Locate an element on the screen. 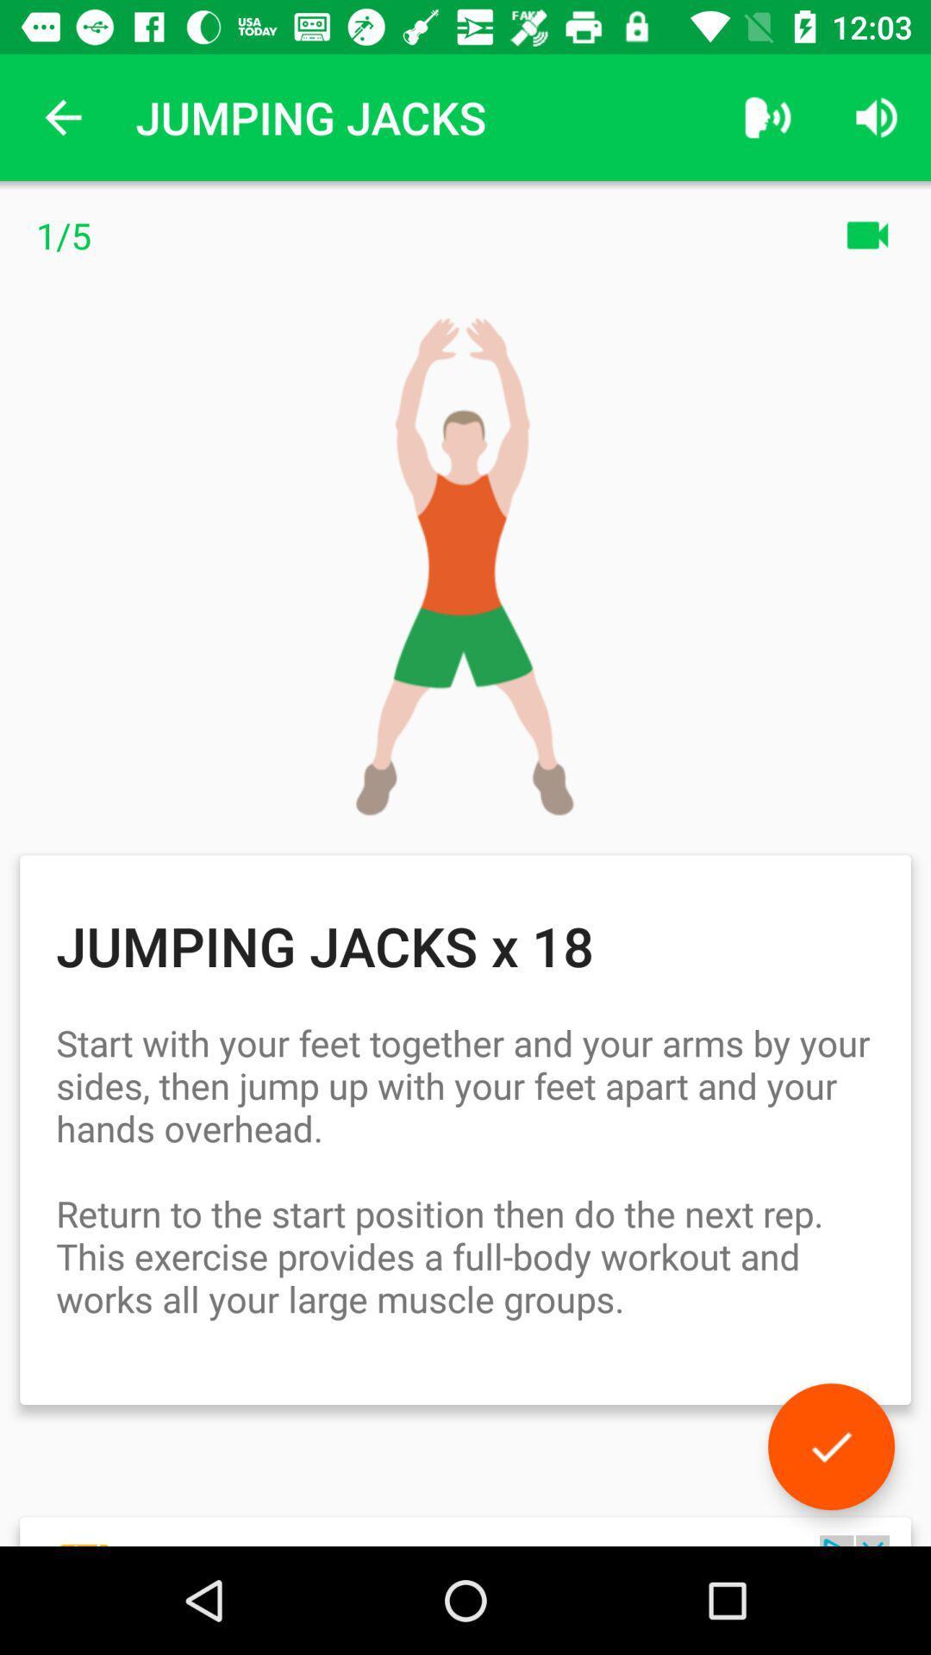 The width and height of the screenshot is (931, 1655). the check icon is located at coordinates (830, 1446).